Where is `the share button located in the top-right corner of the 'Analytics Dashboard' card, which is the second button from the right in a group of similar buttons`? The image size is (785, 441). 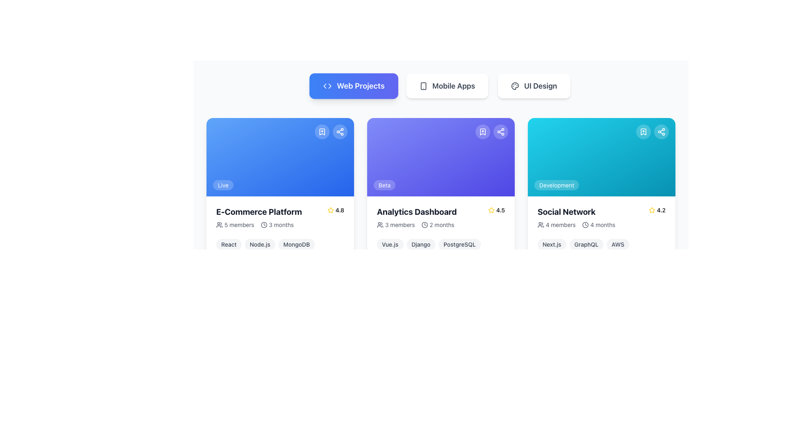
the share button located in the top-right corner of the 'Analytics Dashboard' card, which is the second button from the right in a group of similar buttons is located at coordinates (500, 131).